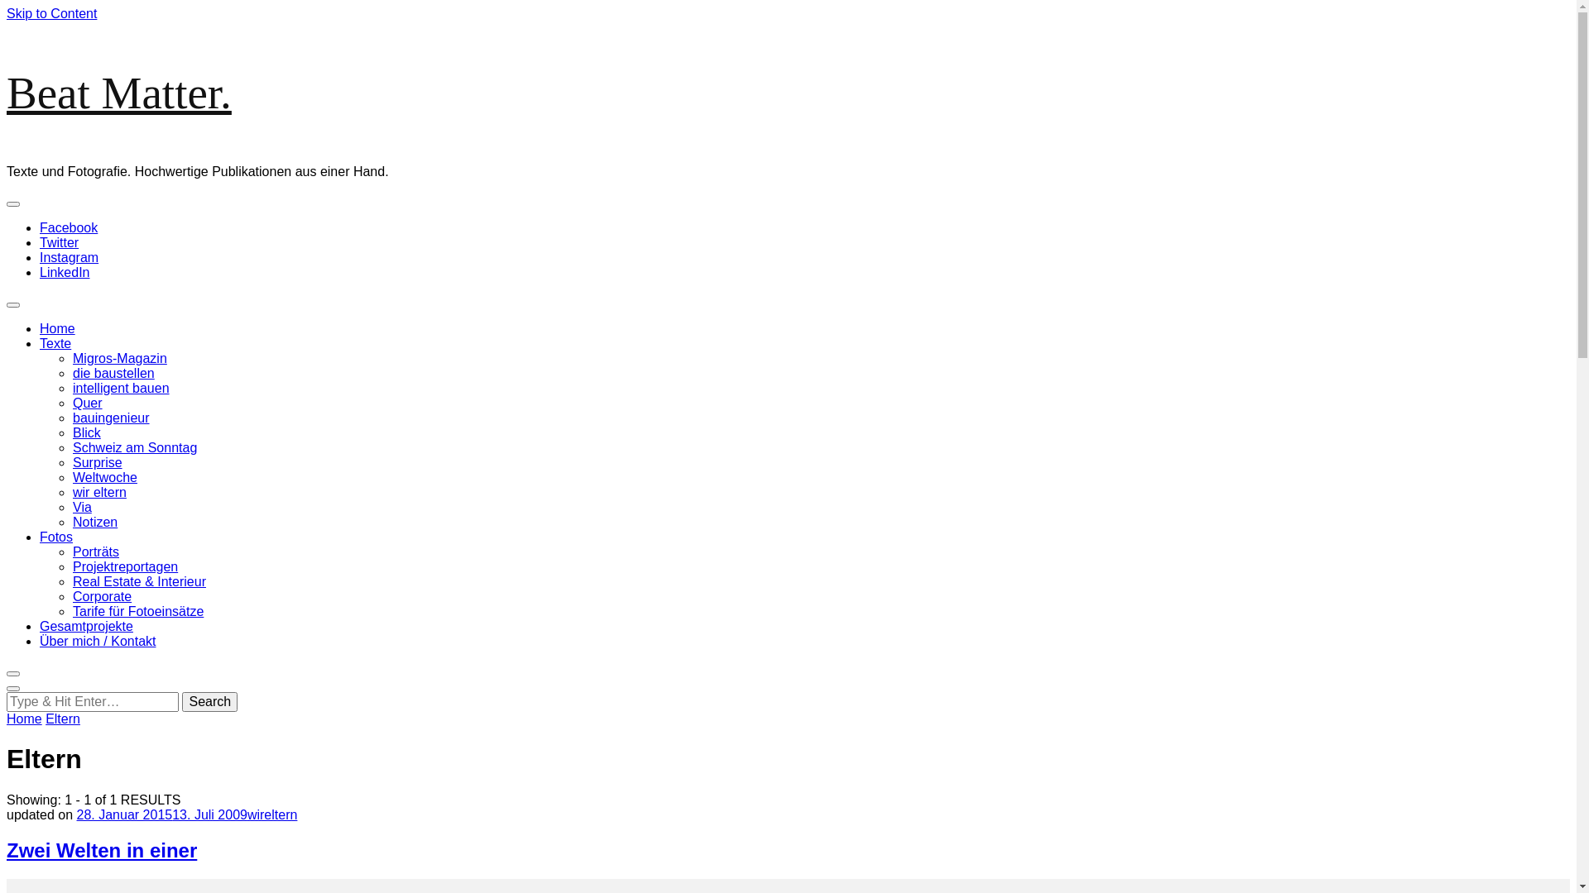 This screenshot has height=893, width=1589. Describe the element at coordinates (98, 491) in the screenshot. I see `'wir eltern'` at that location.